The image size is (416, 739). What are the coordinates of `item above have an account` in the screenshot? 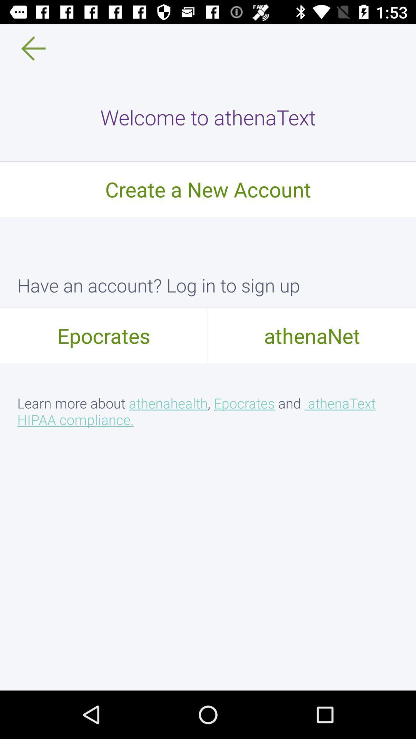 It's located at (208, 189).